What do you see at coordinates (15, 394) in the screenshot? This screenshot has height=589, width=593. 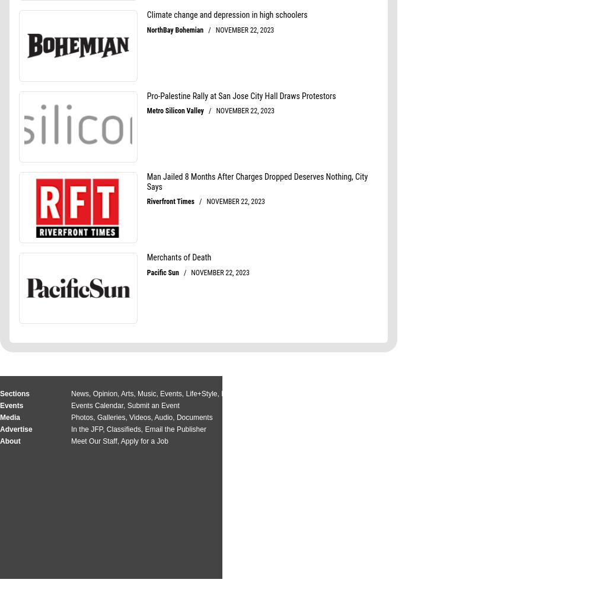 I see `'Sections'` at bounding box center [15, 394].